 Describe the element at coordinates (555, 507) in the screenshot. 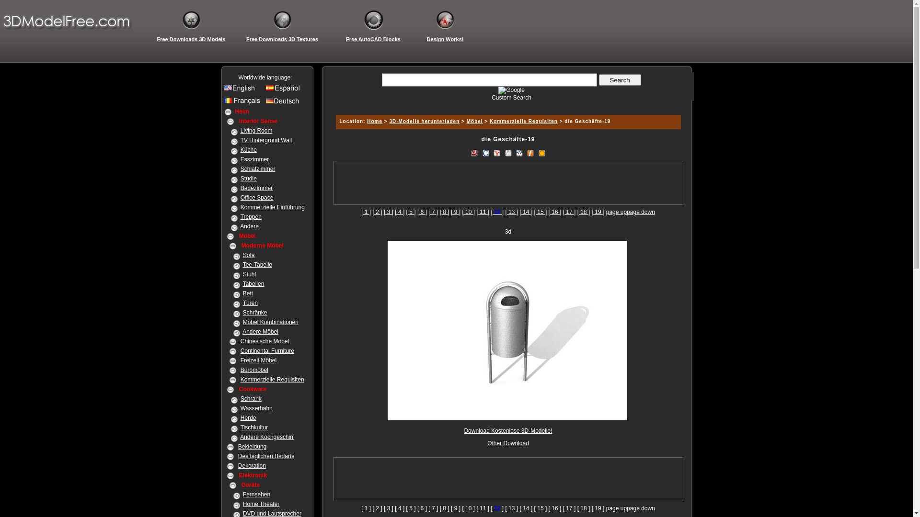

I see `'[ 16 ]'` at that location.